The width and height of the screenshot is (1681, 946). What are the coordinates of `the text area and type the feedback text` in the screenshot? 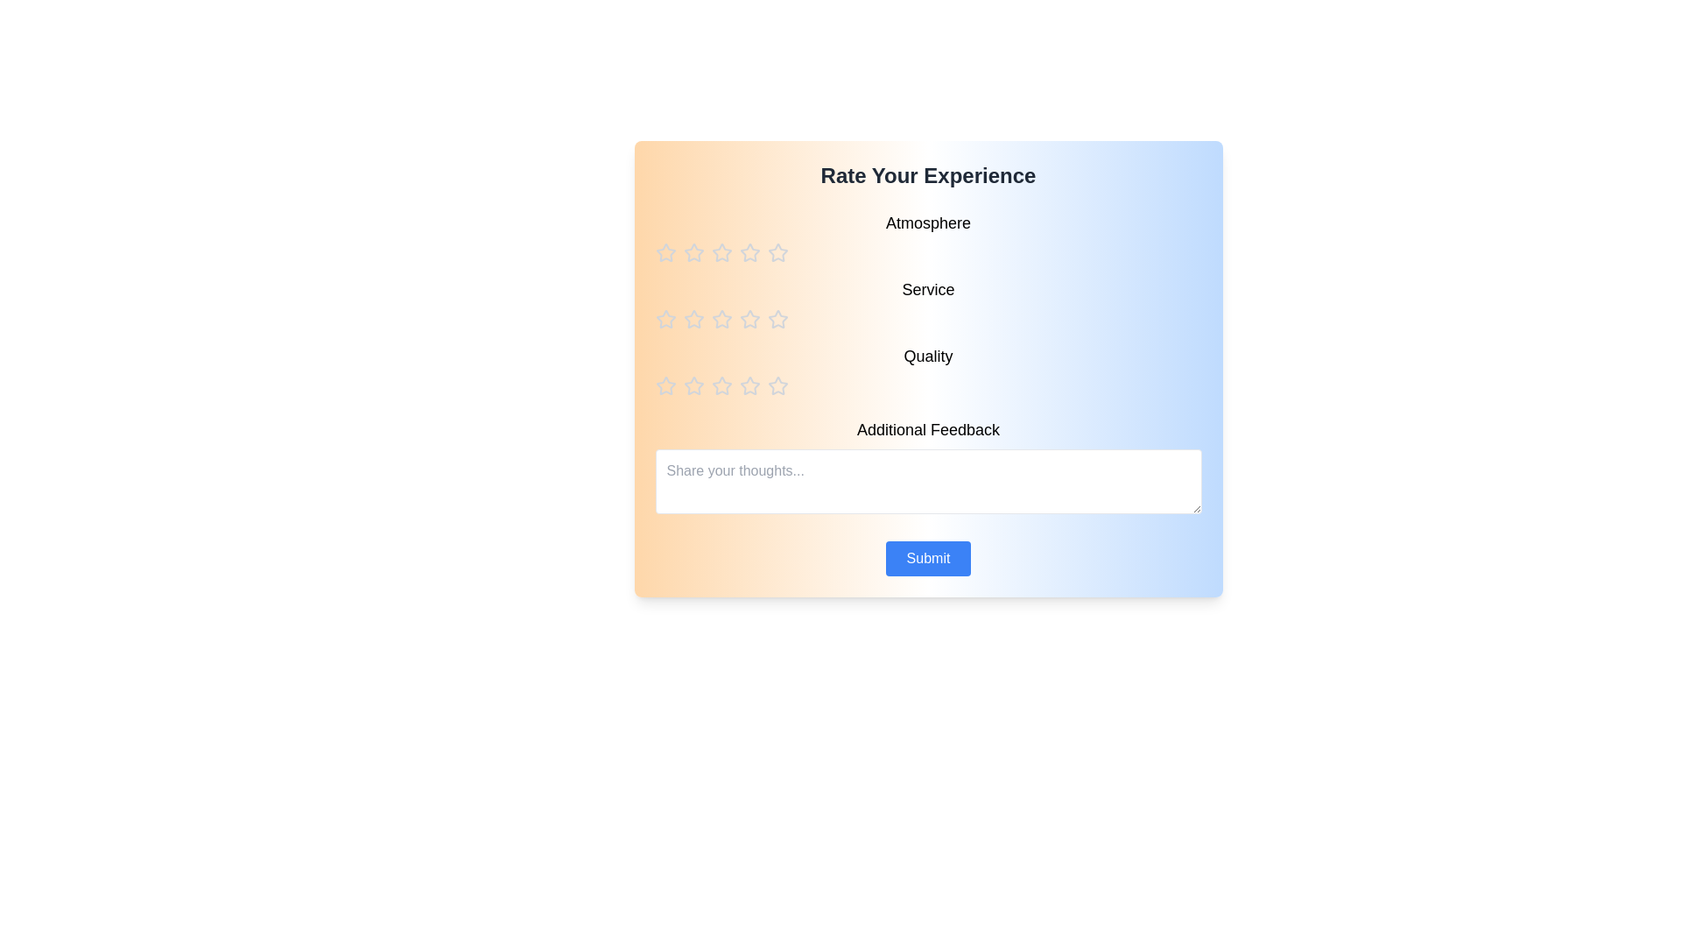 It's located at (927, 482).